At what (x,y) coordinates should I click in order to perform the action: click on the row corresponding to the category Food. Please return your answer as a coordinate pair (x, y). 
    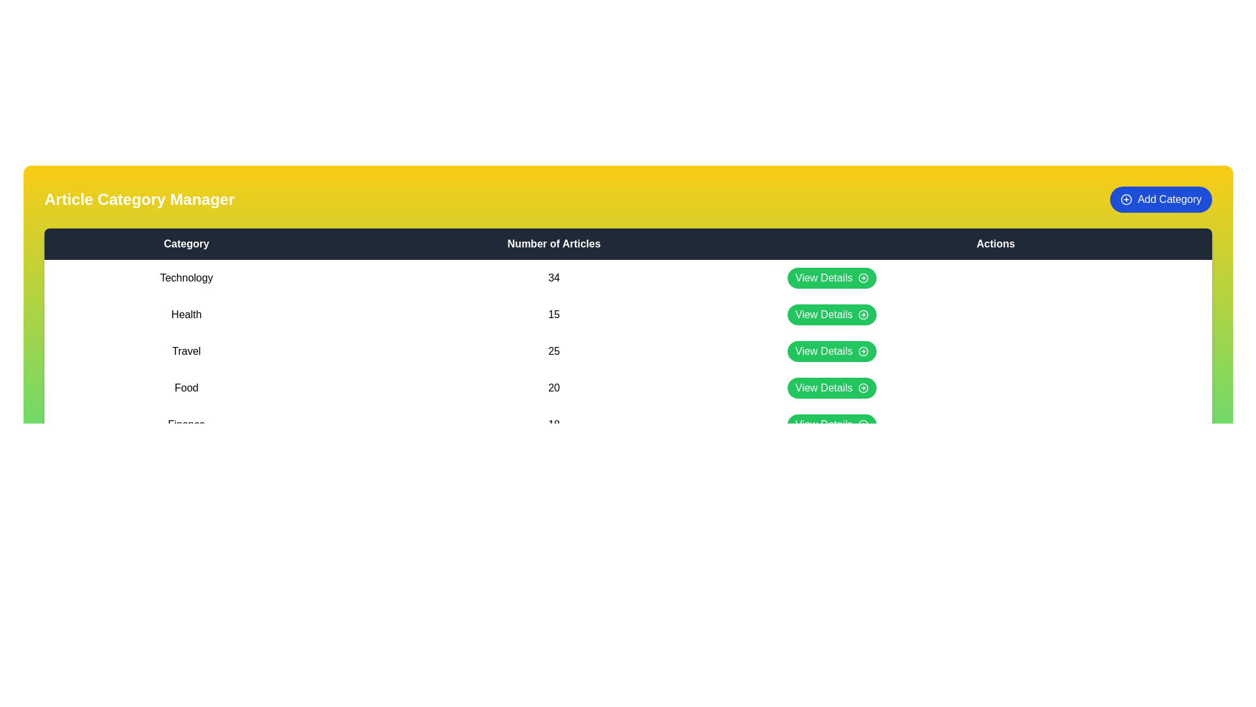
    Looking at the image, I should click on (628, 388).